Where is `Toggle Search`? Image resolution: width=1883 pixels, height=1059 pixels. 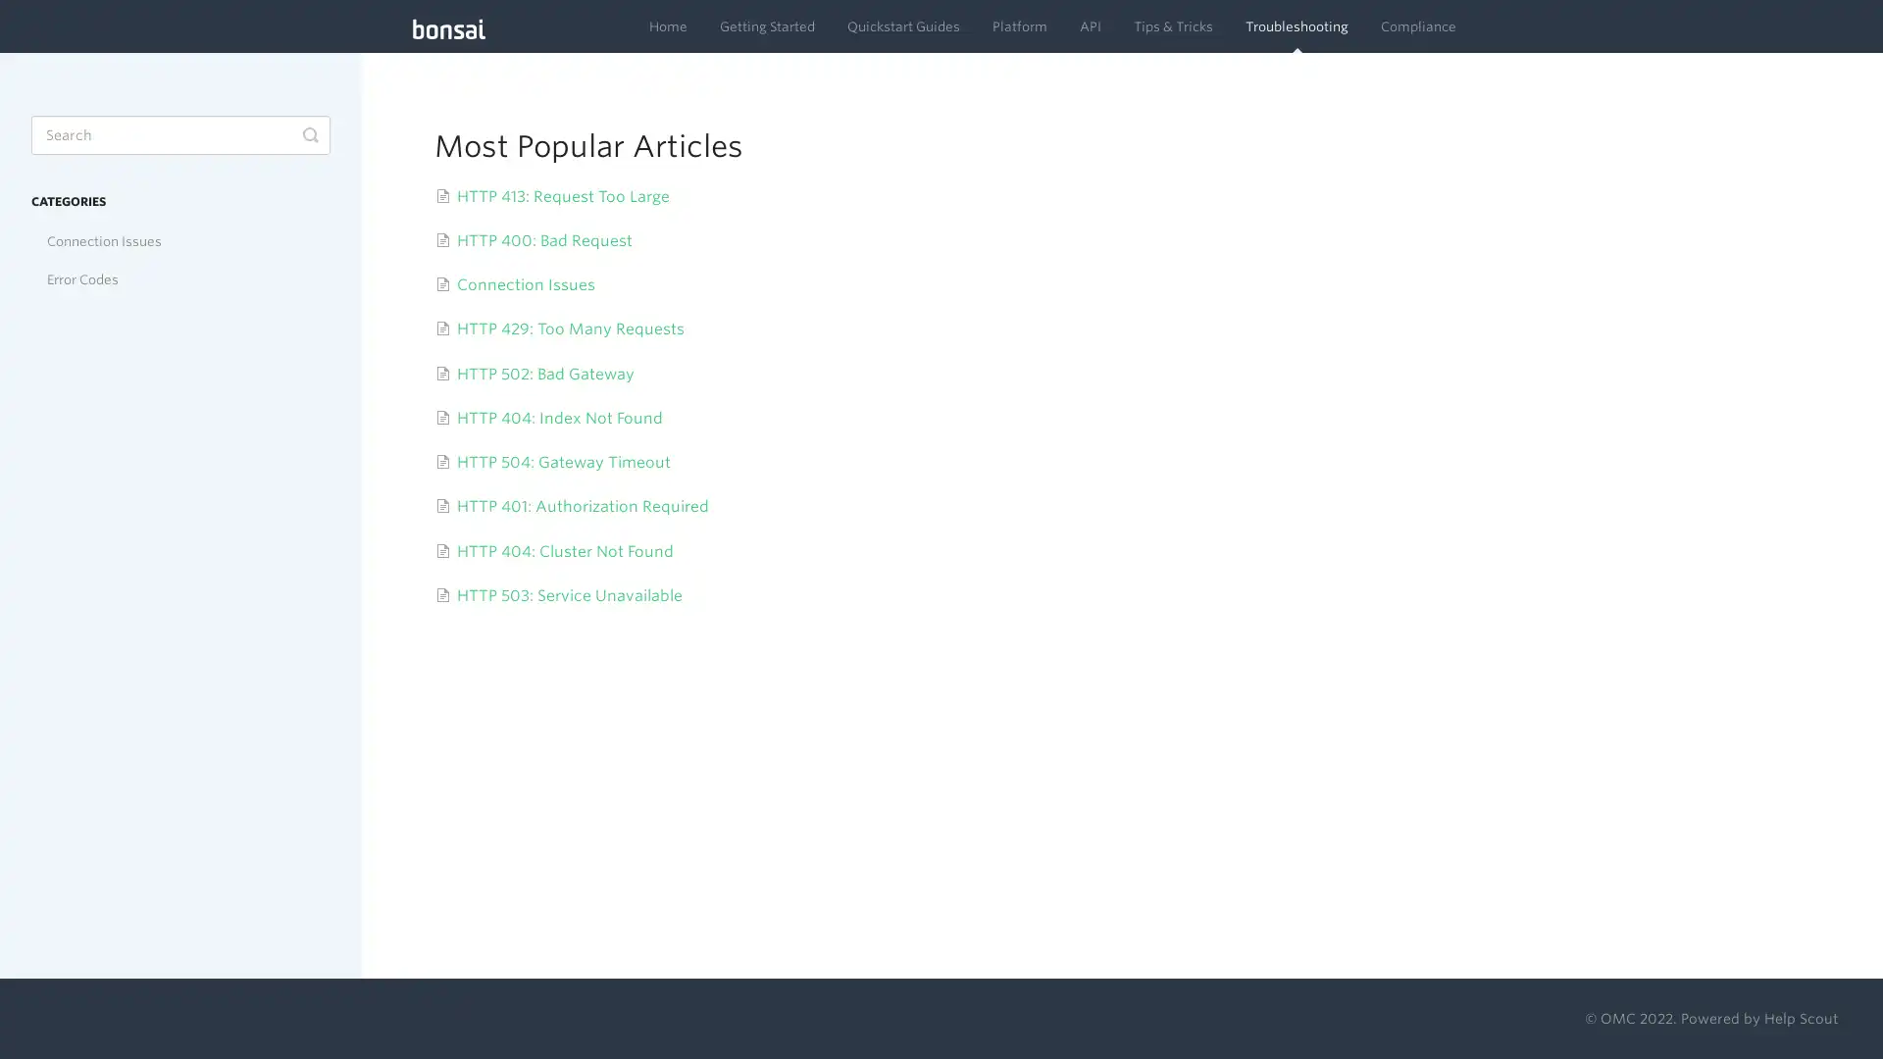 Toggle Search is located at coordinates (309, 134).